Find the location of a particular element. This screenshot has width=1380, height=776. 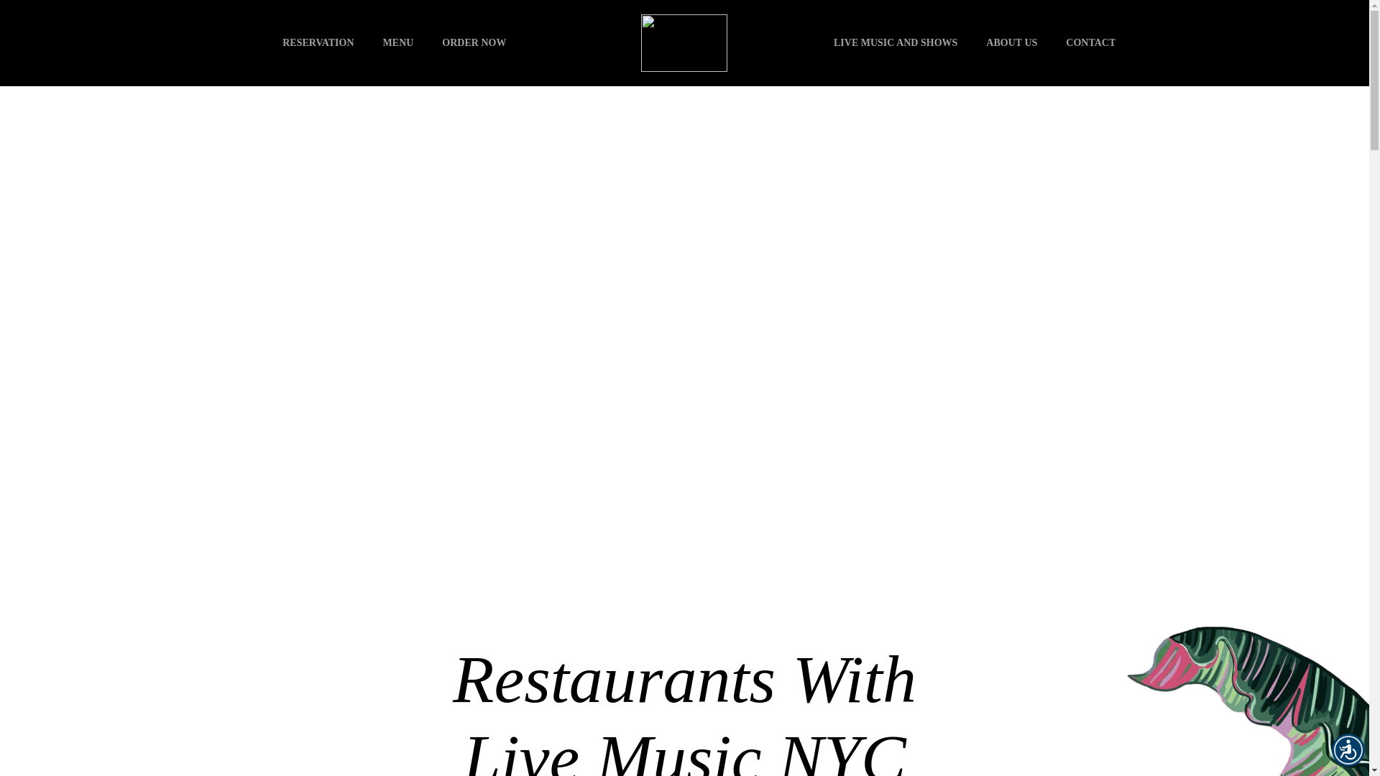

'LIVE MUSIC AND SHOWS' is located at coordinates (895, 42).